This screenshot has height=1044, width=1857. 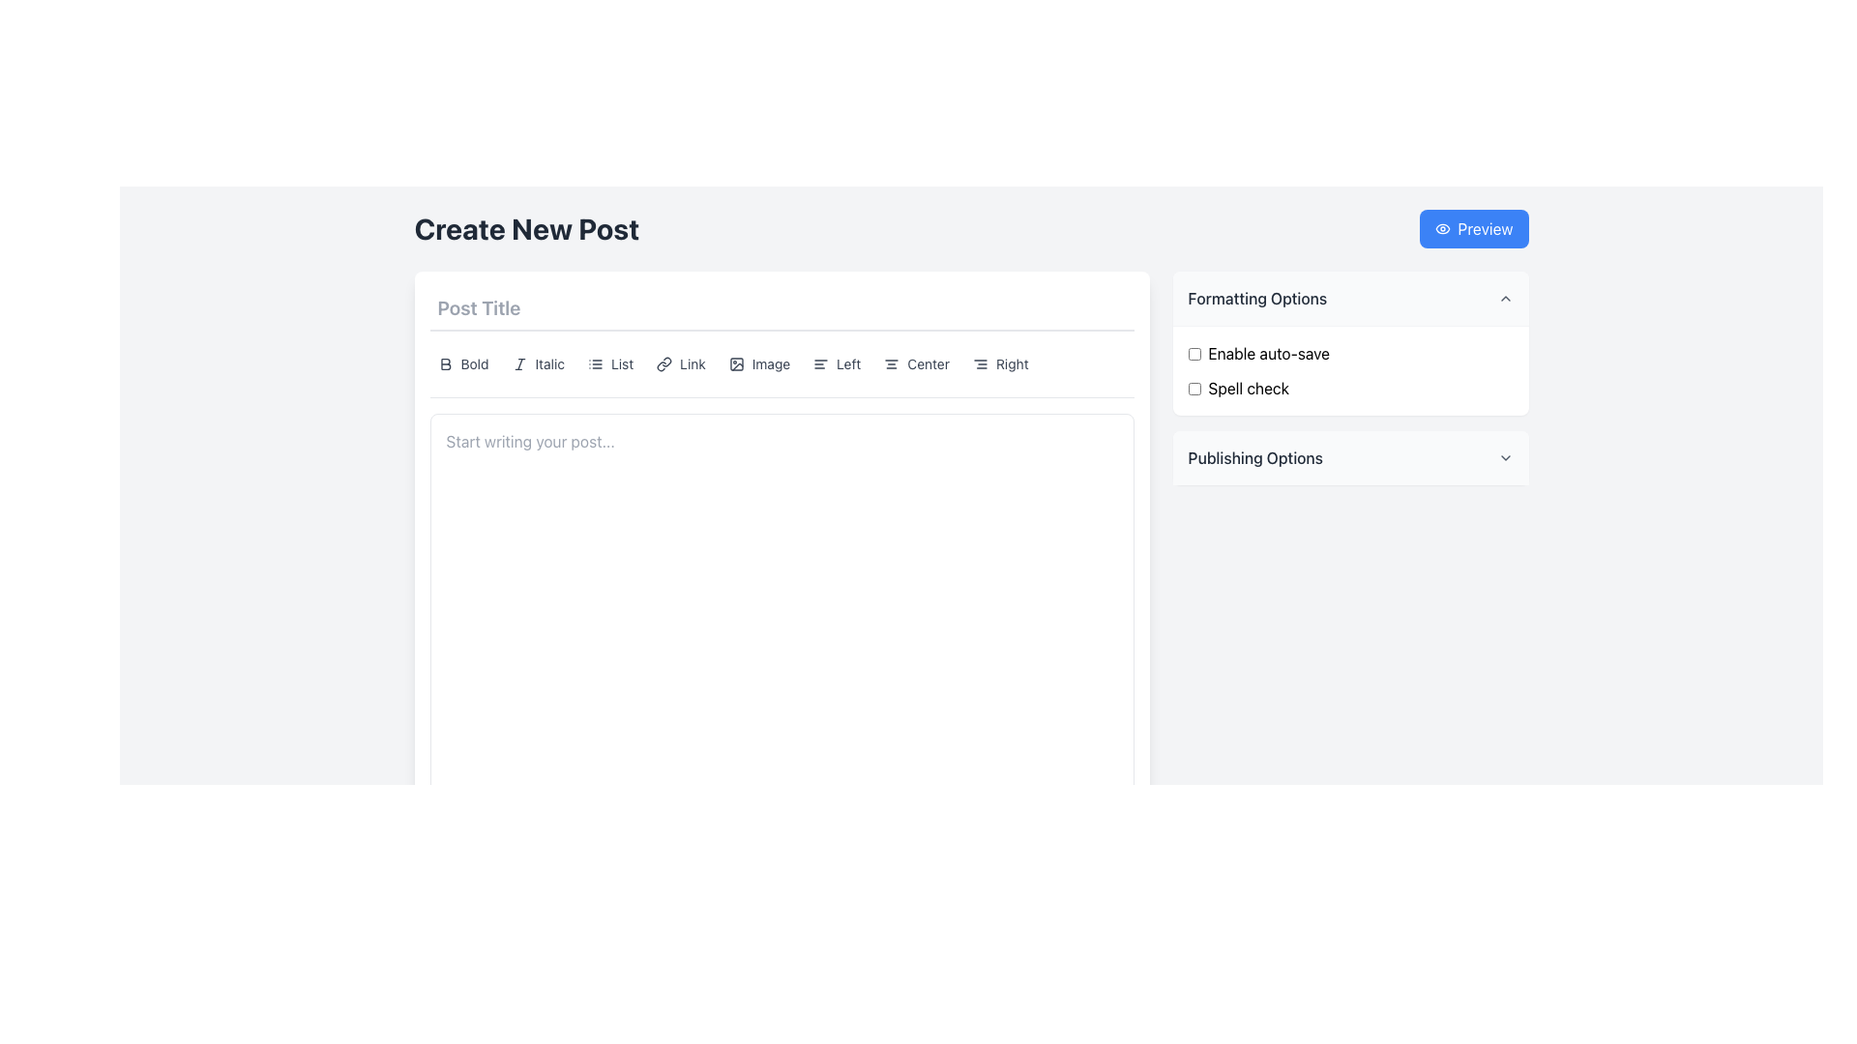 I want to click on the static text element displaying 'Bold' in a smaller gray font within the formatting toolbar under the 'Post Title' section, so click(x=474, y=364).